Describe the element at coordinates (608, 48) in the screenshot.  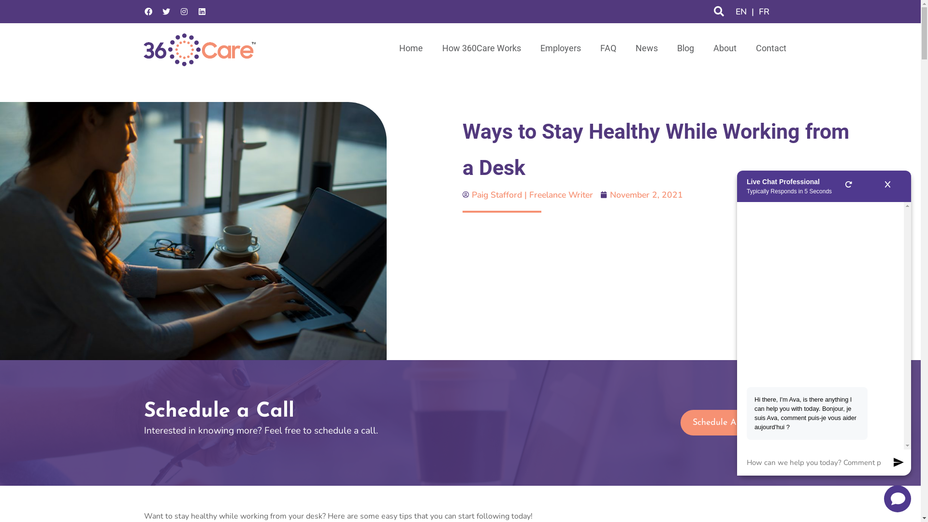
I see `'FAQ'` at that location.